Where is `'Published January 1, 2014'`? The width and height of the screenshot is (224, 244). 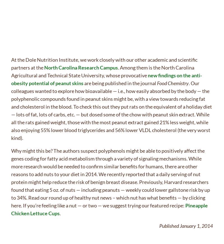 'Published January 1, 2014' is located at coordinates (186, 226).